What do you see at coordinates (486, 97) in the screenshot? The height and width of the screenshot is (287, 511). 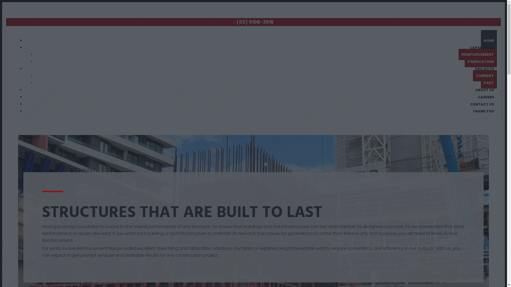 I see `'CAREERS'` at bounding box center [486, 97].